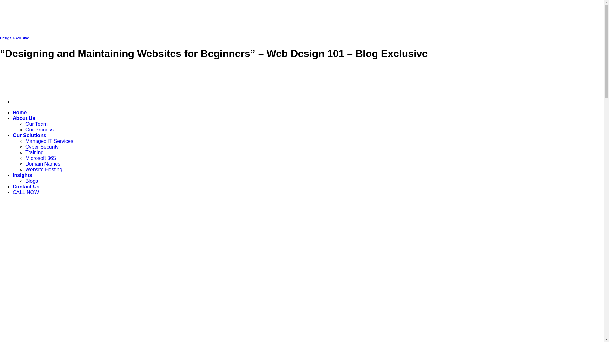 Image resolution: width=609 pixels, height=342 pixels. What do you see at coordinates (49, 141) in the screenshot?
I see `'Managed IT Services'` at bounding box center [49, 141].